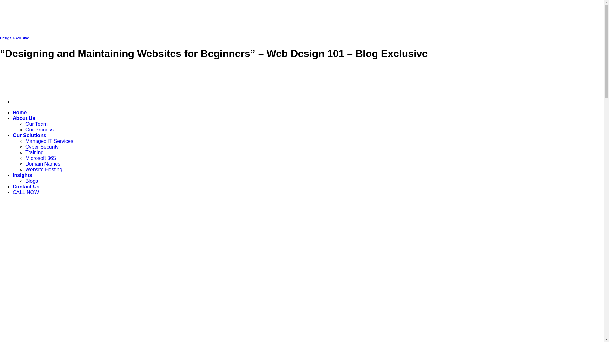 Image resolution: width=609 pixels, height=342 pixels. What do you see at coordinates (49, 141) in the screenshot?
I see `'Managed IT Services'` at bounding box center [49, 141].